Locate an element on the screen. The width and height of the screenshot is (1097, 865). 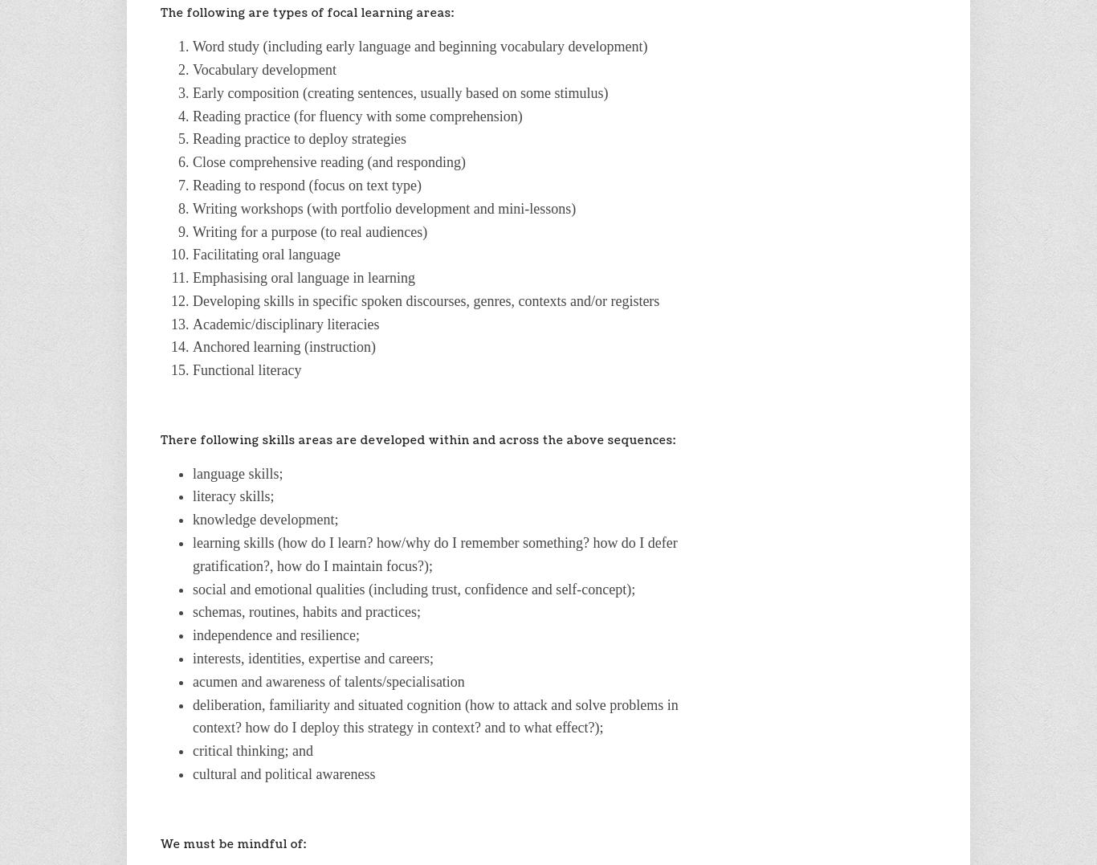
'Word study (including early language and beginning vocabulary development)' is located at coordinates (420, 47).